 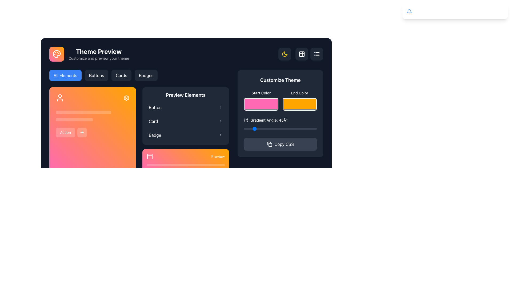 What do you see at coordinates (153, 121) in the screenshot?
I see `the content of the text label reading 'Card', which is styled in bright white font against a dark background, located beneath the 'Button' label and above the 'Badge' label in the 'Preview Elements' section` at bounding box center [153, 121].